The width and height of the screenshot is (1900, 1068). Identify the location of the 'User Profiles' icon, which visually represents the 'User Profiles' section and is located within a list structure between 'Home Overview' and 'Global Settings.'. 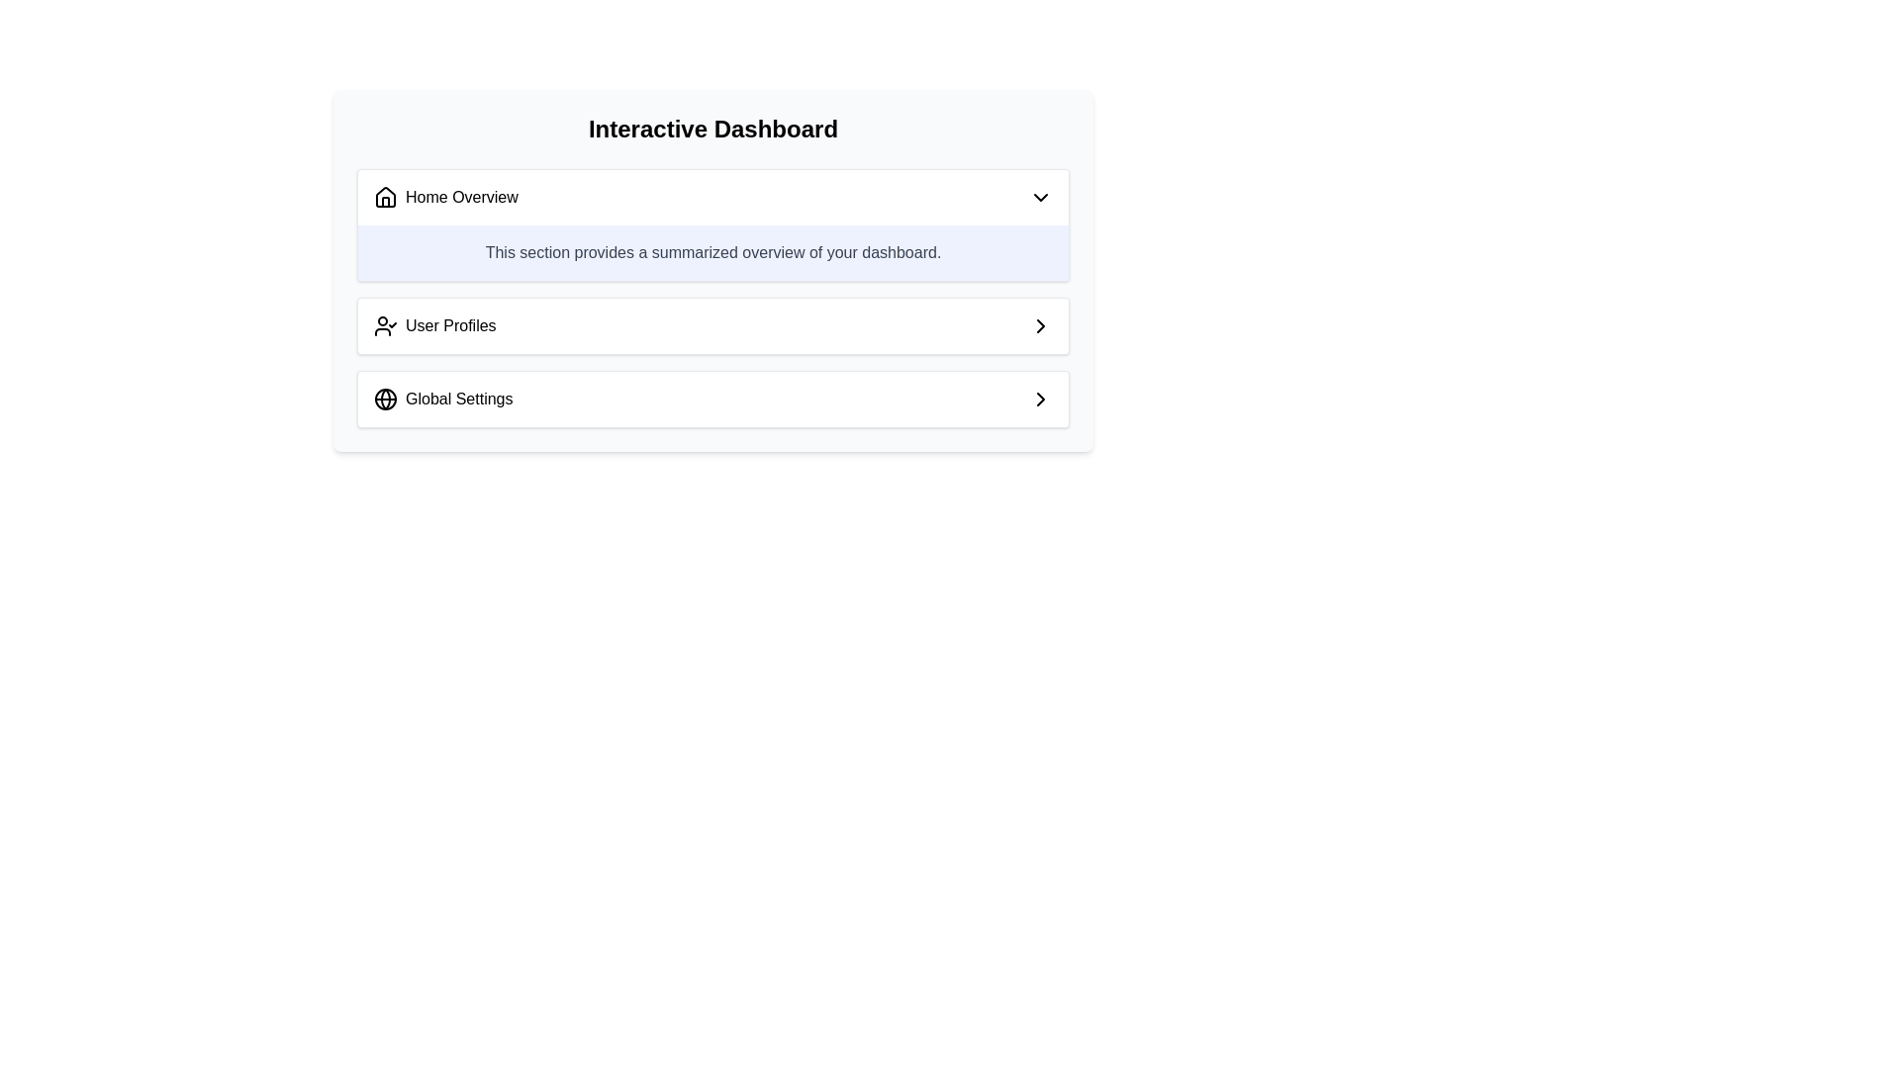
(385, 325).